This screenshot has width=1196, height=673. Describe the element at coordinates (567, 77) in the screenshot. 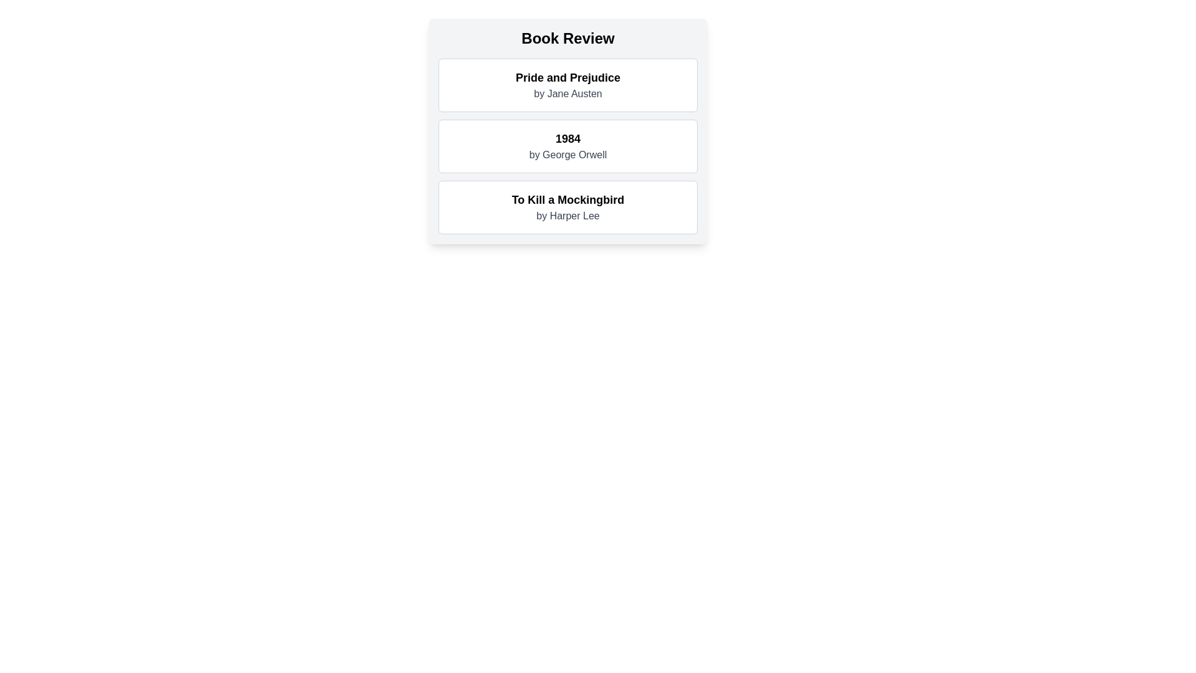

I see `title text label of the book located at the upper region of the first card in the vertical list of book entries, positioned above the author's name` at that location.